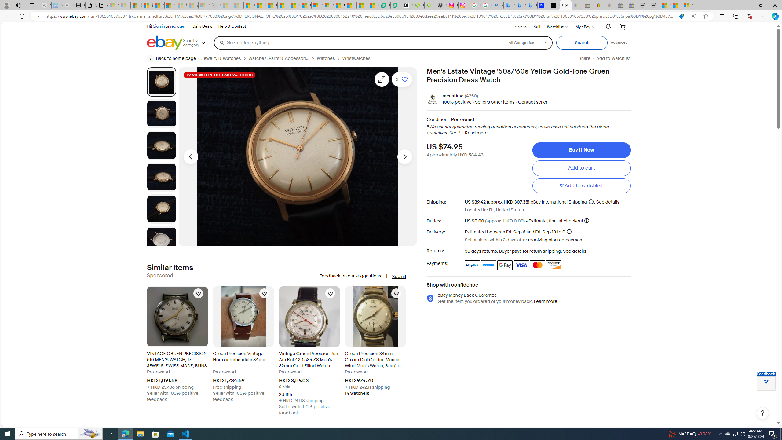  I want to click on 'Leave feedback about your eBay ViewItem experience', so click(766, 383).